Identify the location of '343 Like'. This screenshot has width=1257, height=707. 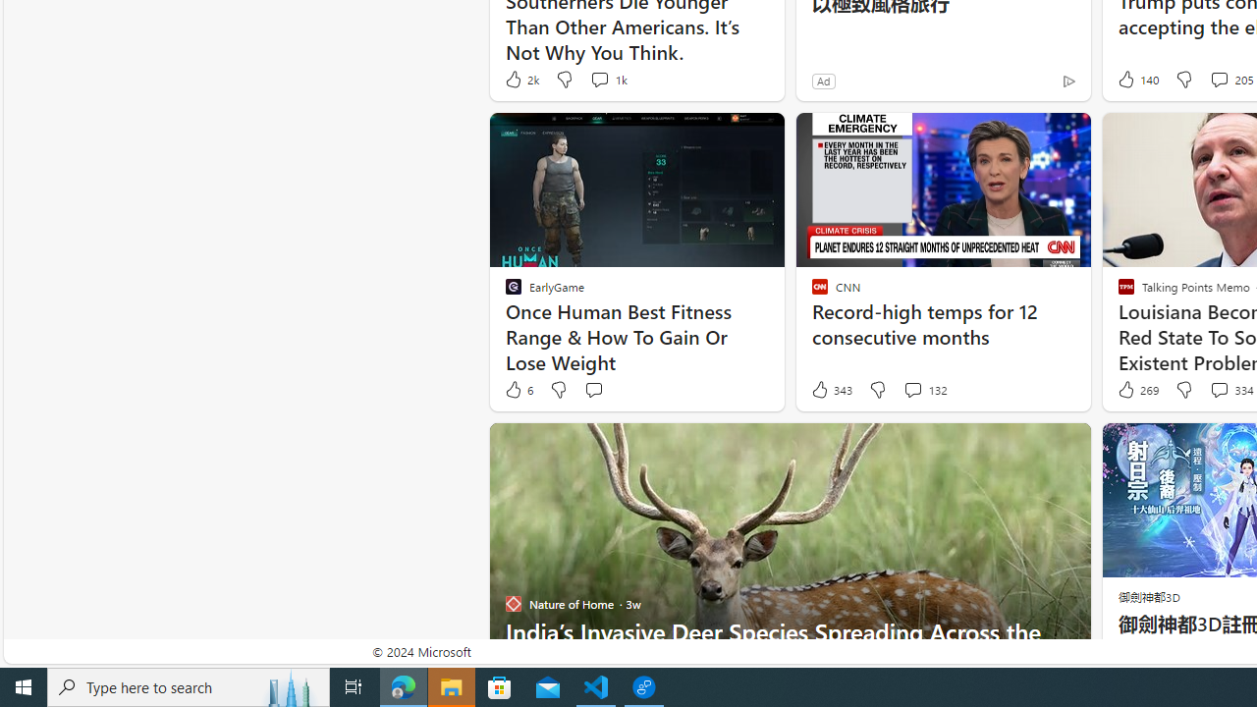
(831, 390).